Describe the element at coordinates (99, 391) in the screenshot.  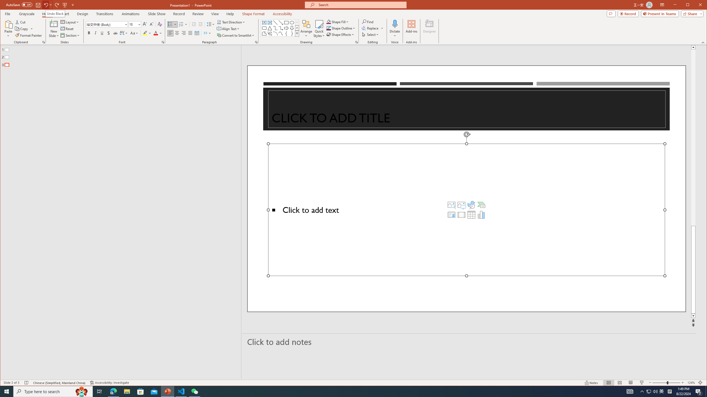
I see `'Task View'` at that location.